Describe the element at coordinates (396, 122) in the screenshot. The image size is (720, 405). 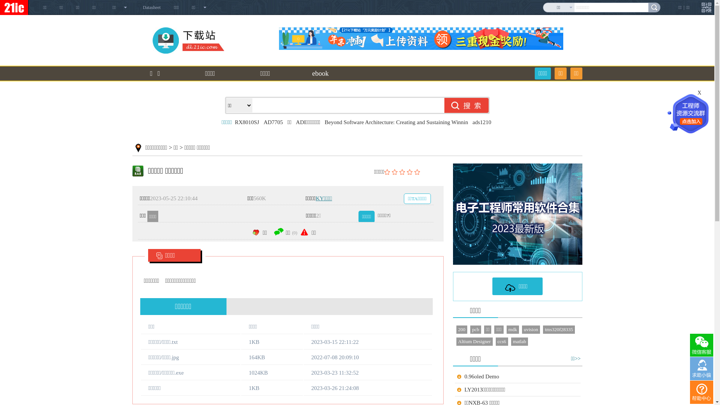
I see `'Beyond Software Architecture: Creating and Sustaining Winnin'` at that location.